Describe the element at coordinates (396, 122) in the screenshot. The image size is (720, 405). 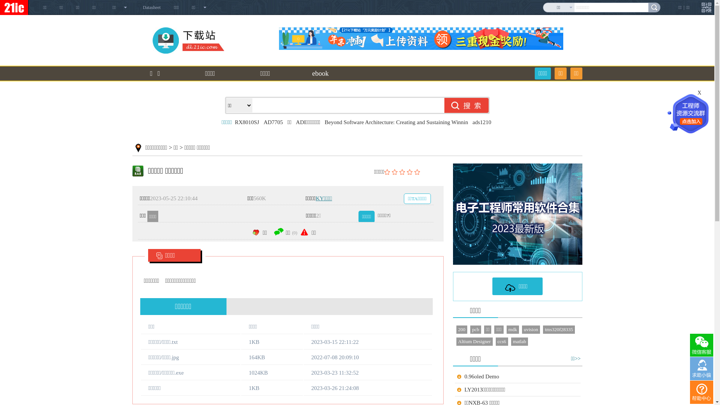
I see `'Beyond Software Architecture: Creating and Sustaining Winnin'` at that location.